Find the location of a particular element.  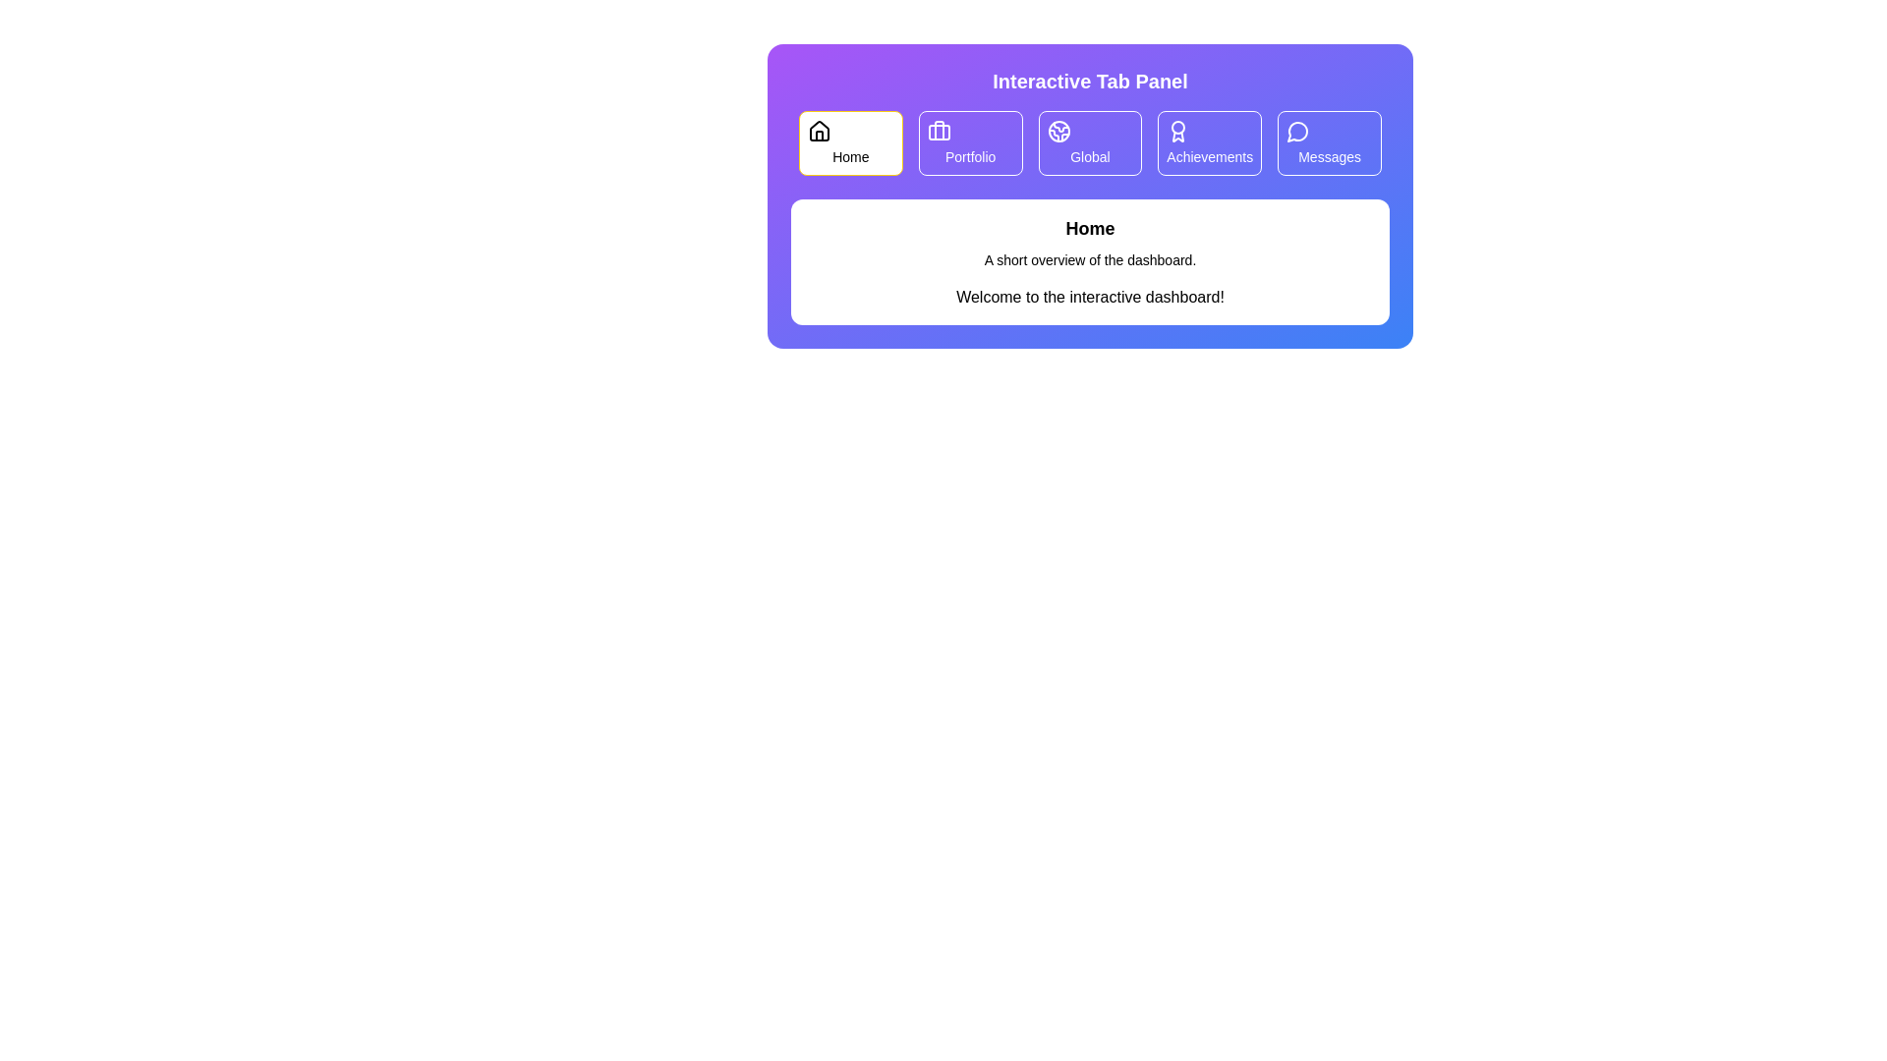

the SVG Circle element that is centered within the award badge icon in the 'Achievements' tab is located at coordinates (1178, 128).